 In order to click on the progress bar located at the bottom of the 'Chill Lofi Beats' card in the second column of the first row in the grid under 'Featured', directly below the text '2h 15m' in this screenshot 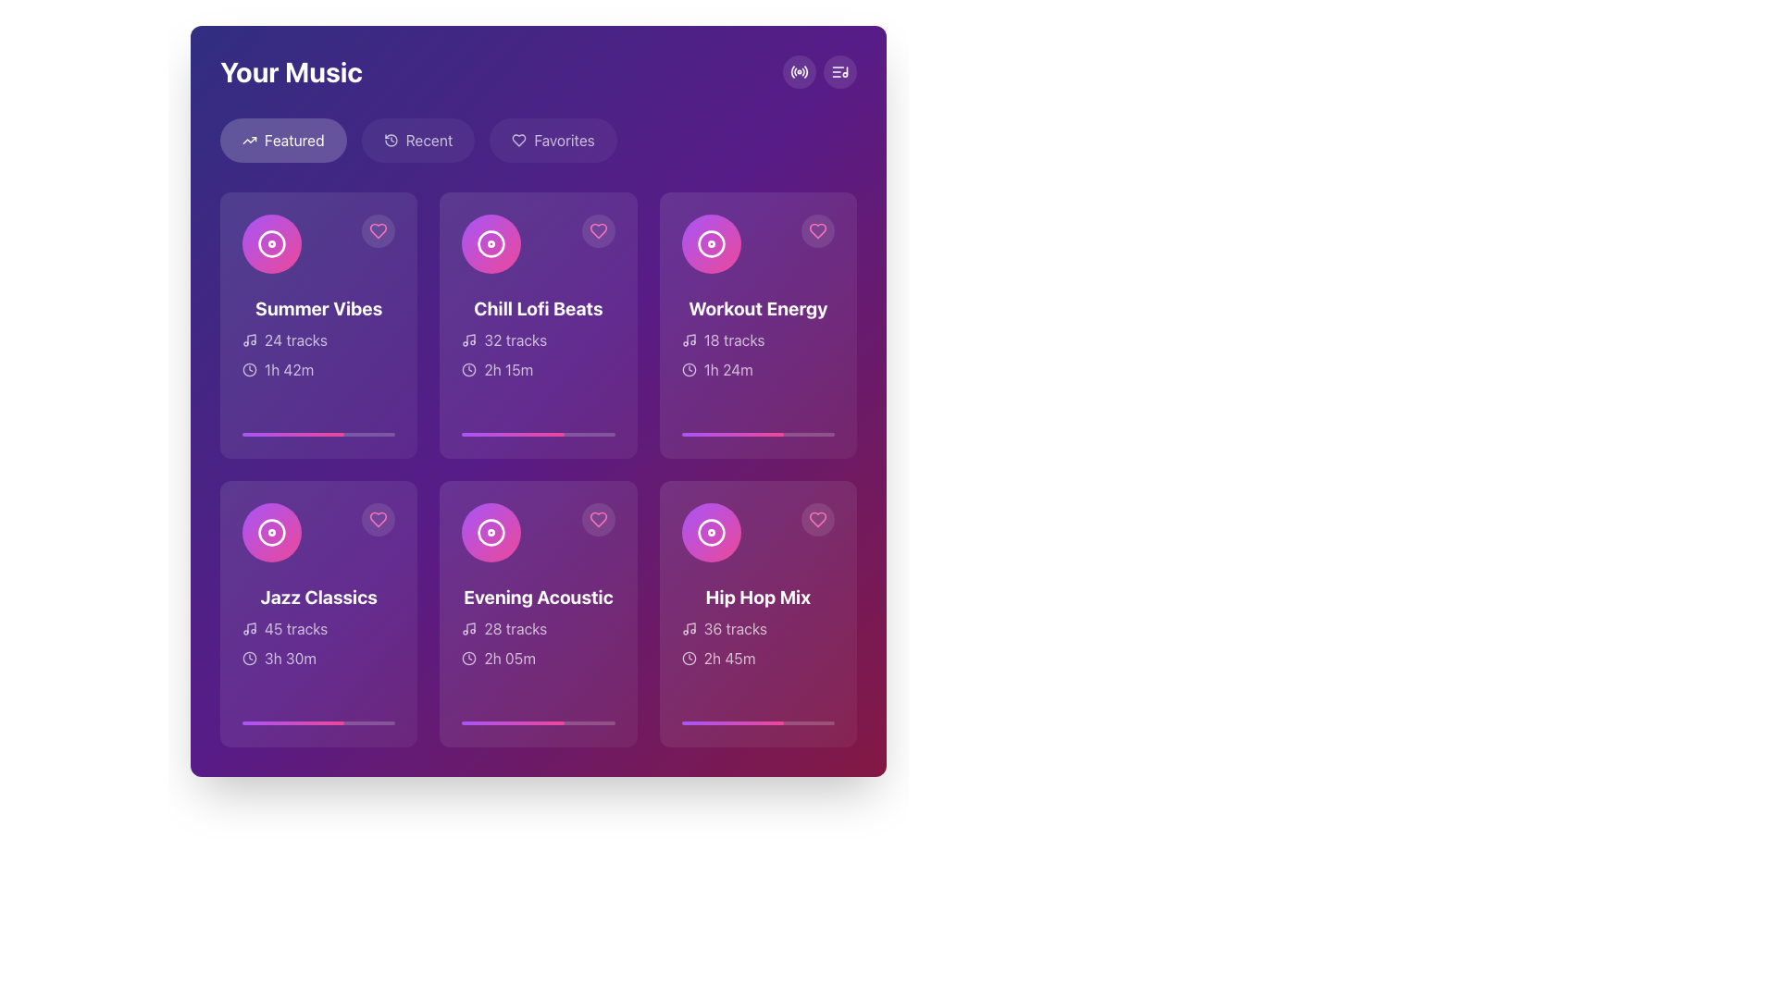, I will do `click(537, 435)`.